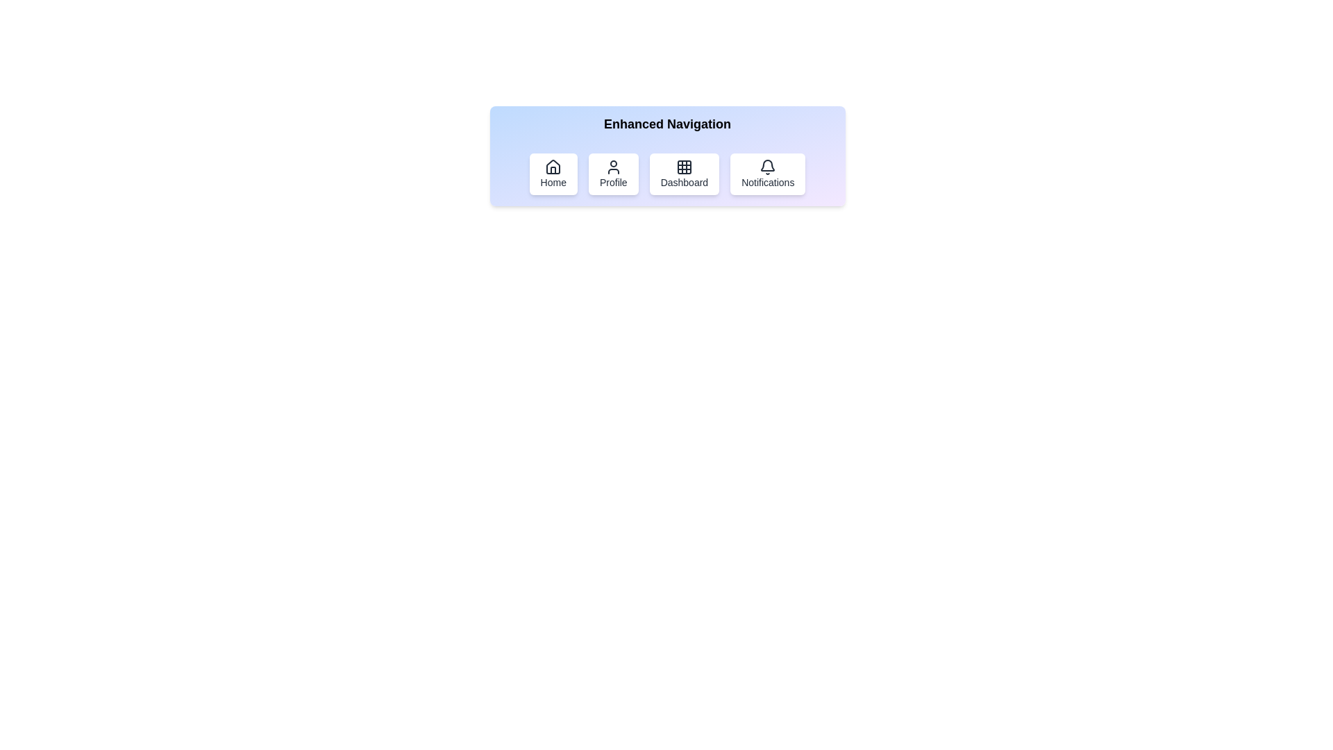 This screenshot has width=1333, height=750. I want to click on text label displaying 'Home' located below the house icon in the navigation menu, so click(553, 181).